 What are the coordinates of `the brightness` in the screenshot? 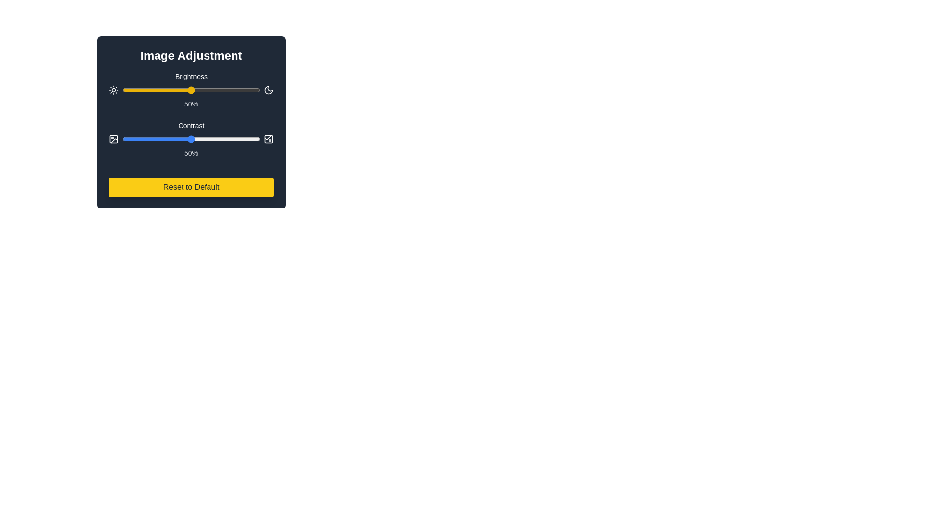 It's located at (152, 90).